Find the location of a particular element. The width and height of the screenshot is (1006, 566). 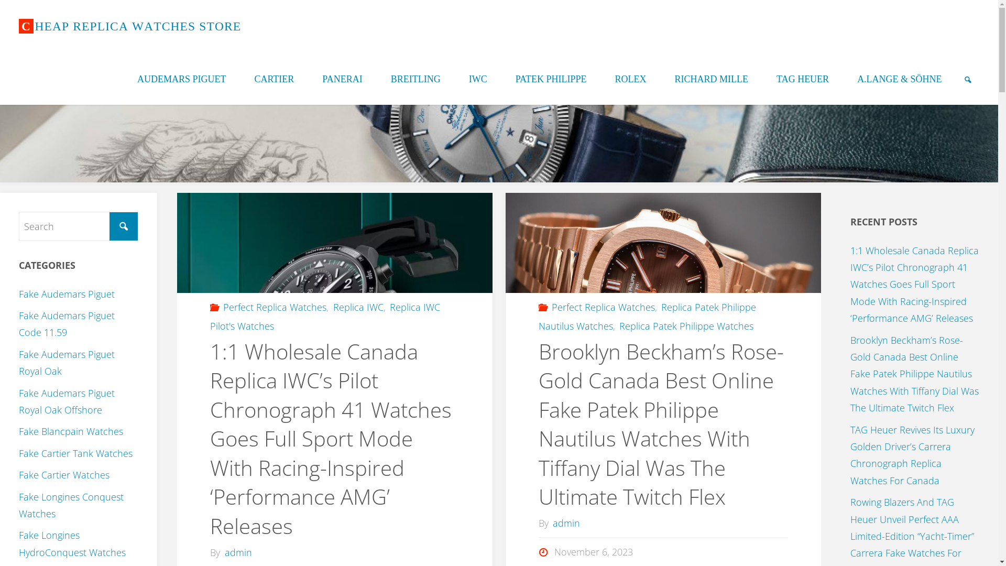

'IWC' is located at coordinates (455, 78).